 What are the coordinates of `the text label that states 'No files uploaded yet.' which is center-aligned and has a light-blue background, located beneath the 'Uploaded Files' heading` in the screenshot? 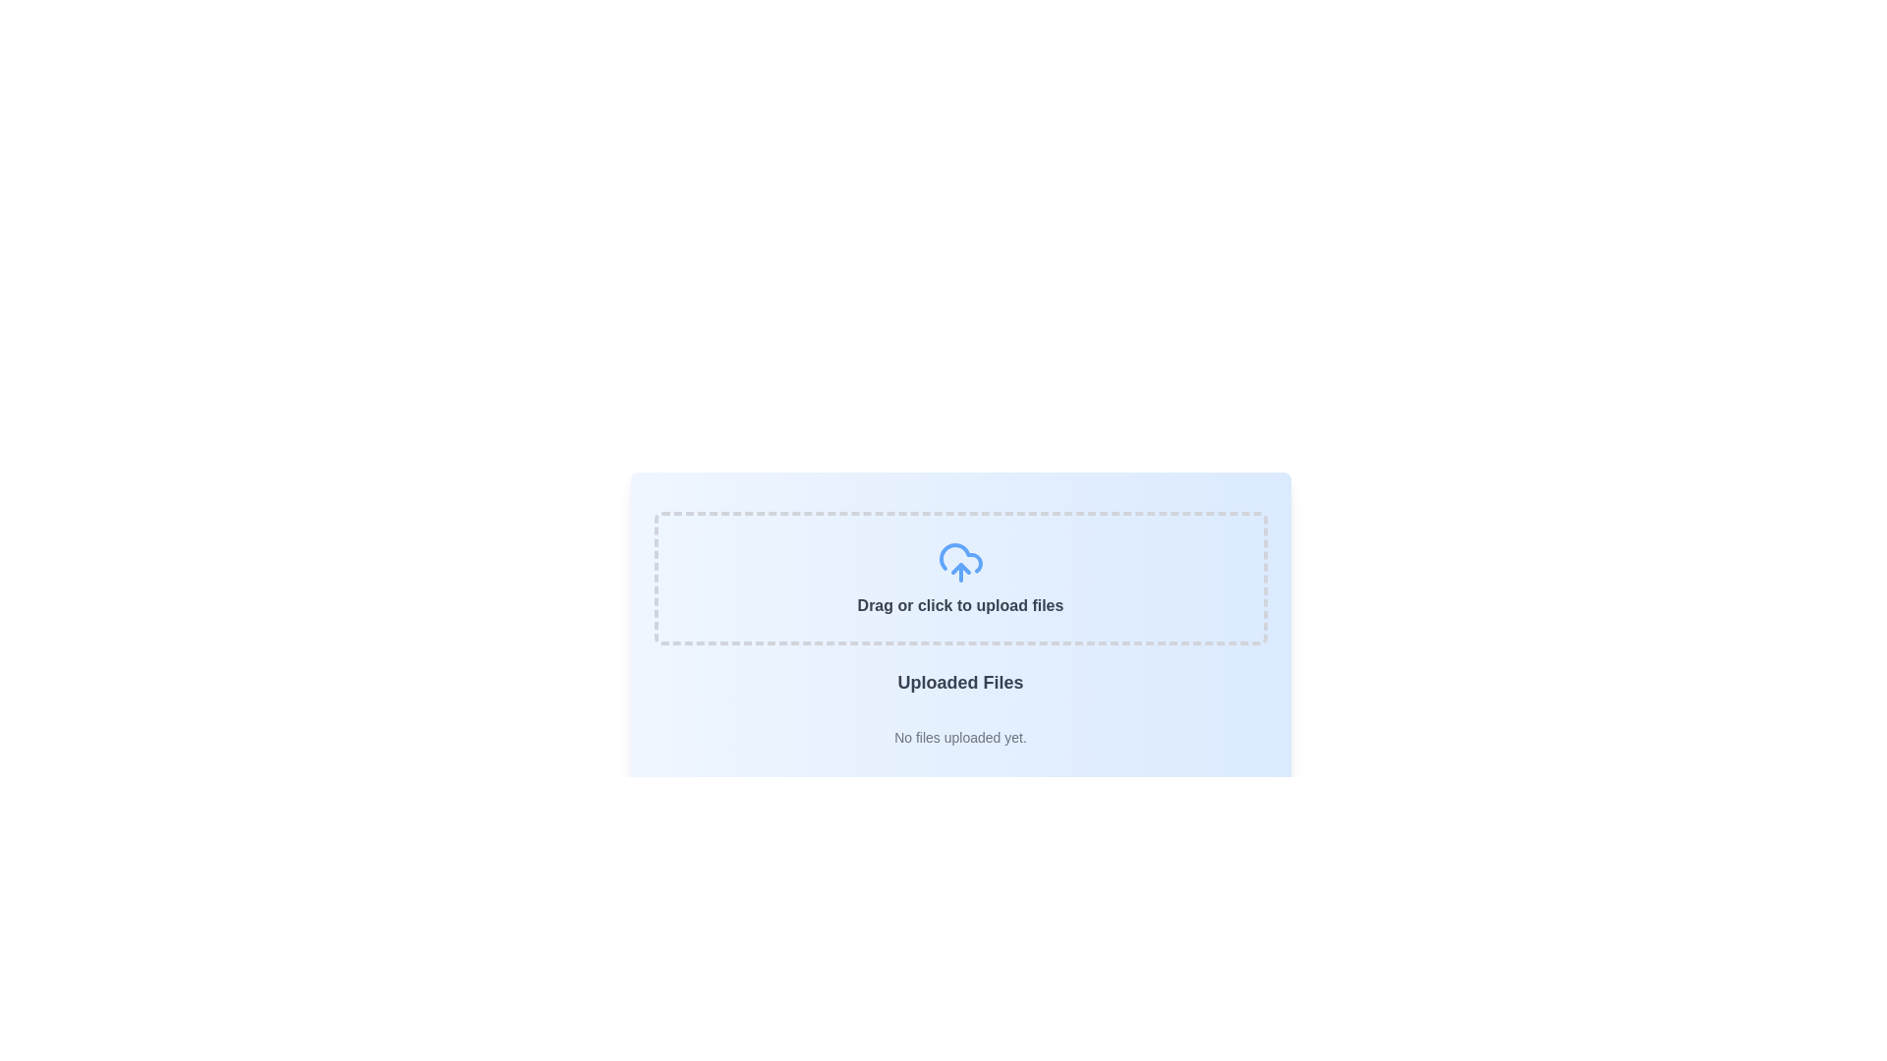 It's located at (960, 738).